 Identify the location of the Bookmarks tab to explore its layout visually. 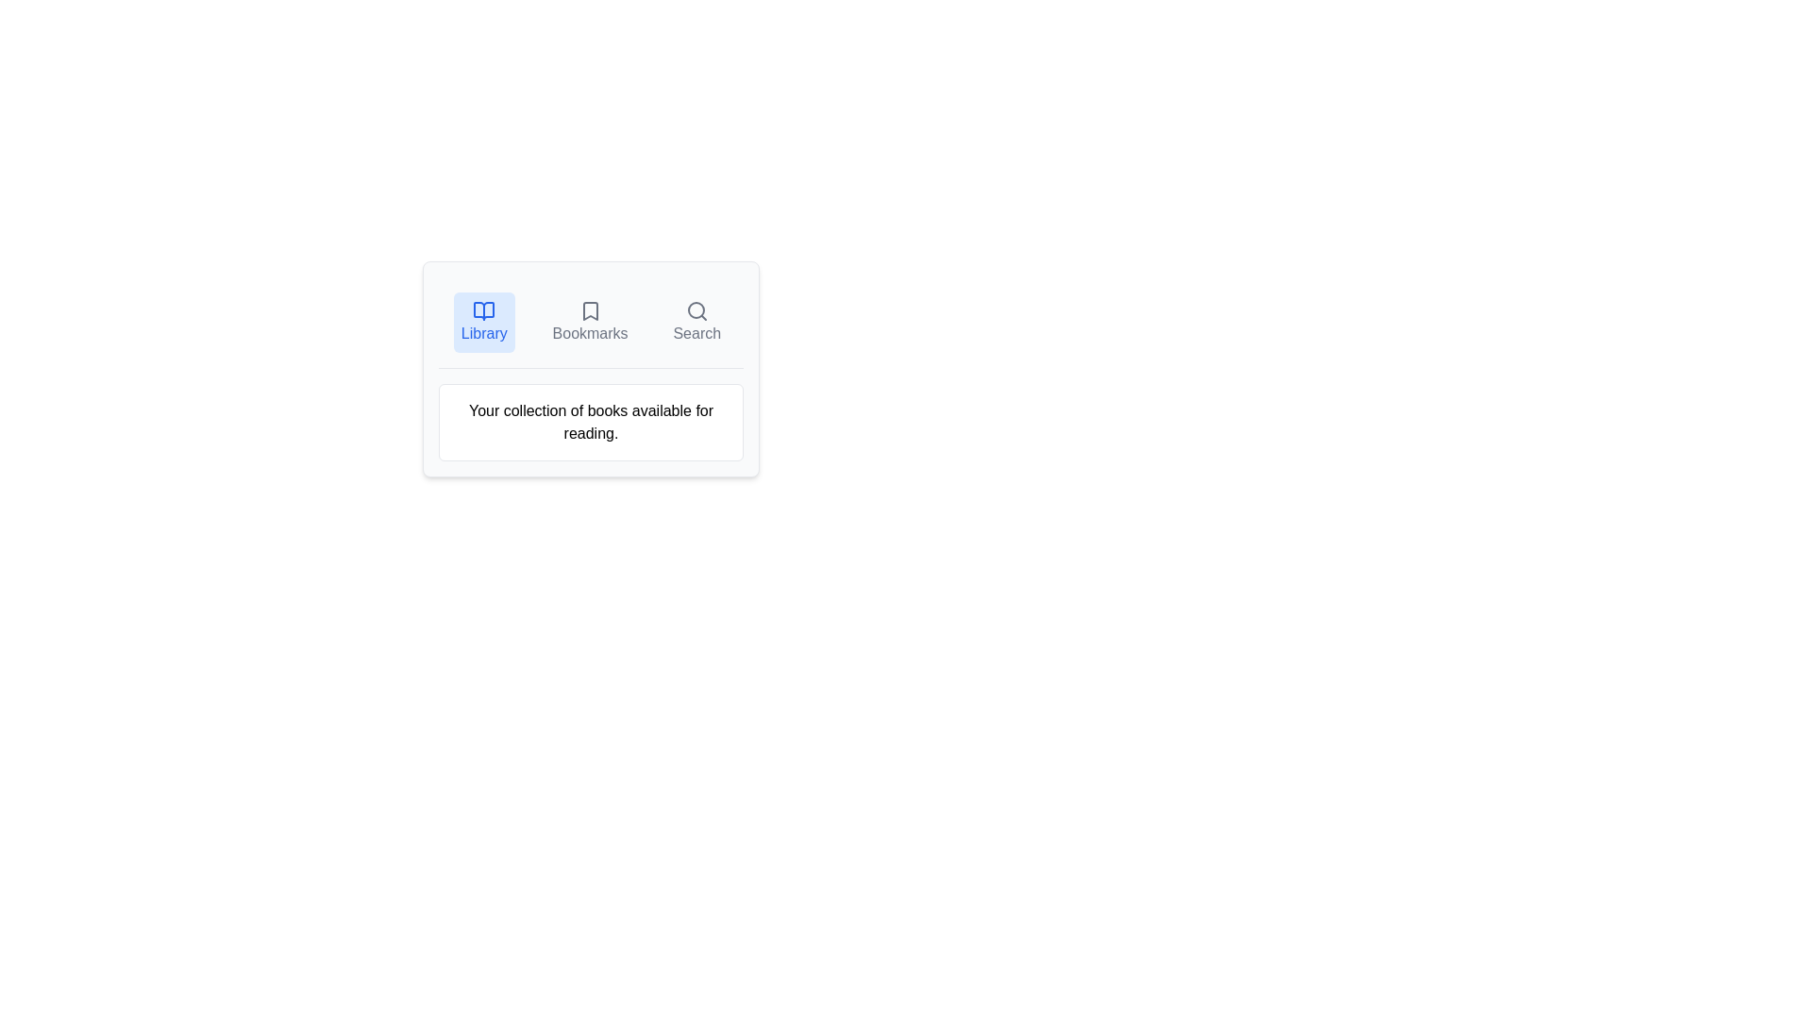
(588, 322).